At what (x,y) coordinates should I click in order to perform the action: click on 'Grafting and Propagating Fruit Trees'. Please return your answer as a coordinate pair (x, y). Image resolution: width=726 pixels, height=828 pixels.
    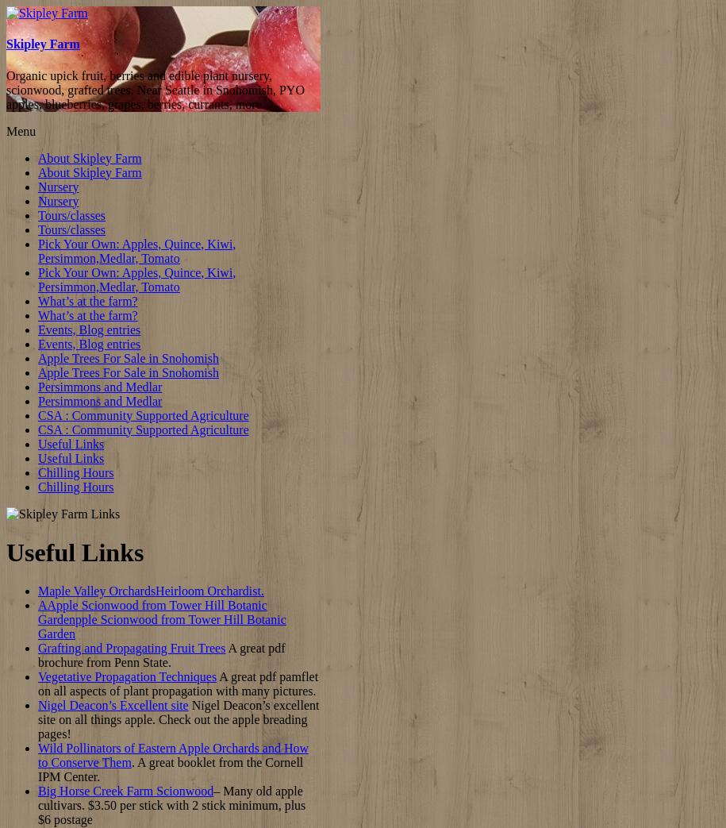
    Looking at the image, I should click on (130, 647).